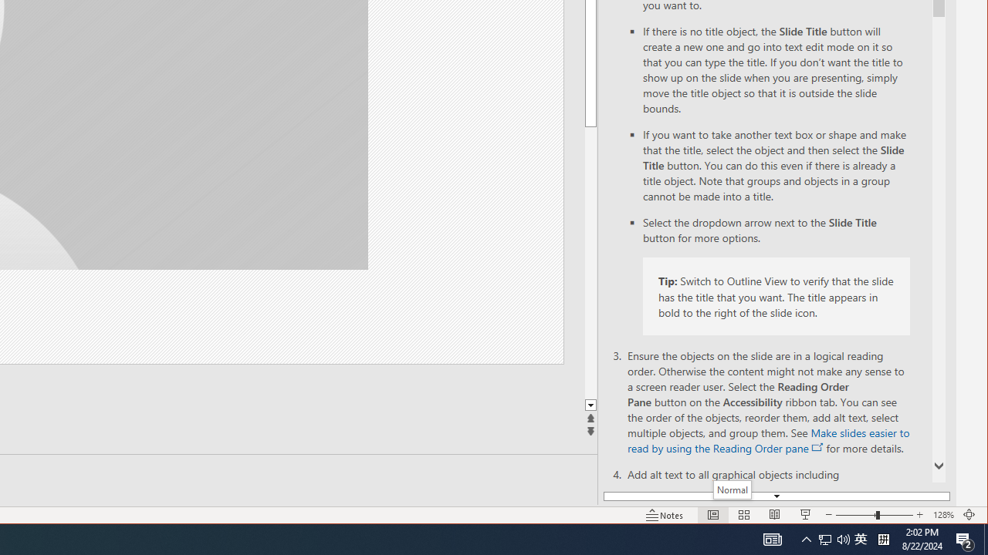 Image resolution: width=988 pixels, height=555 pixels. I want to click on 'Zoom to Fit ', so click(969, 515).